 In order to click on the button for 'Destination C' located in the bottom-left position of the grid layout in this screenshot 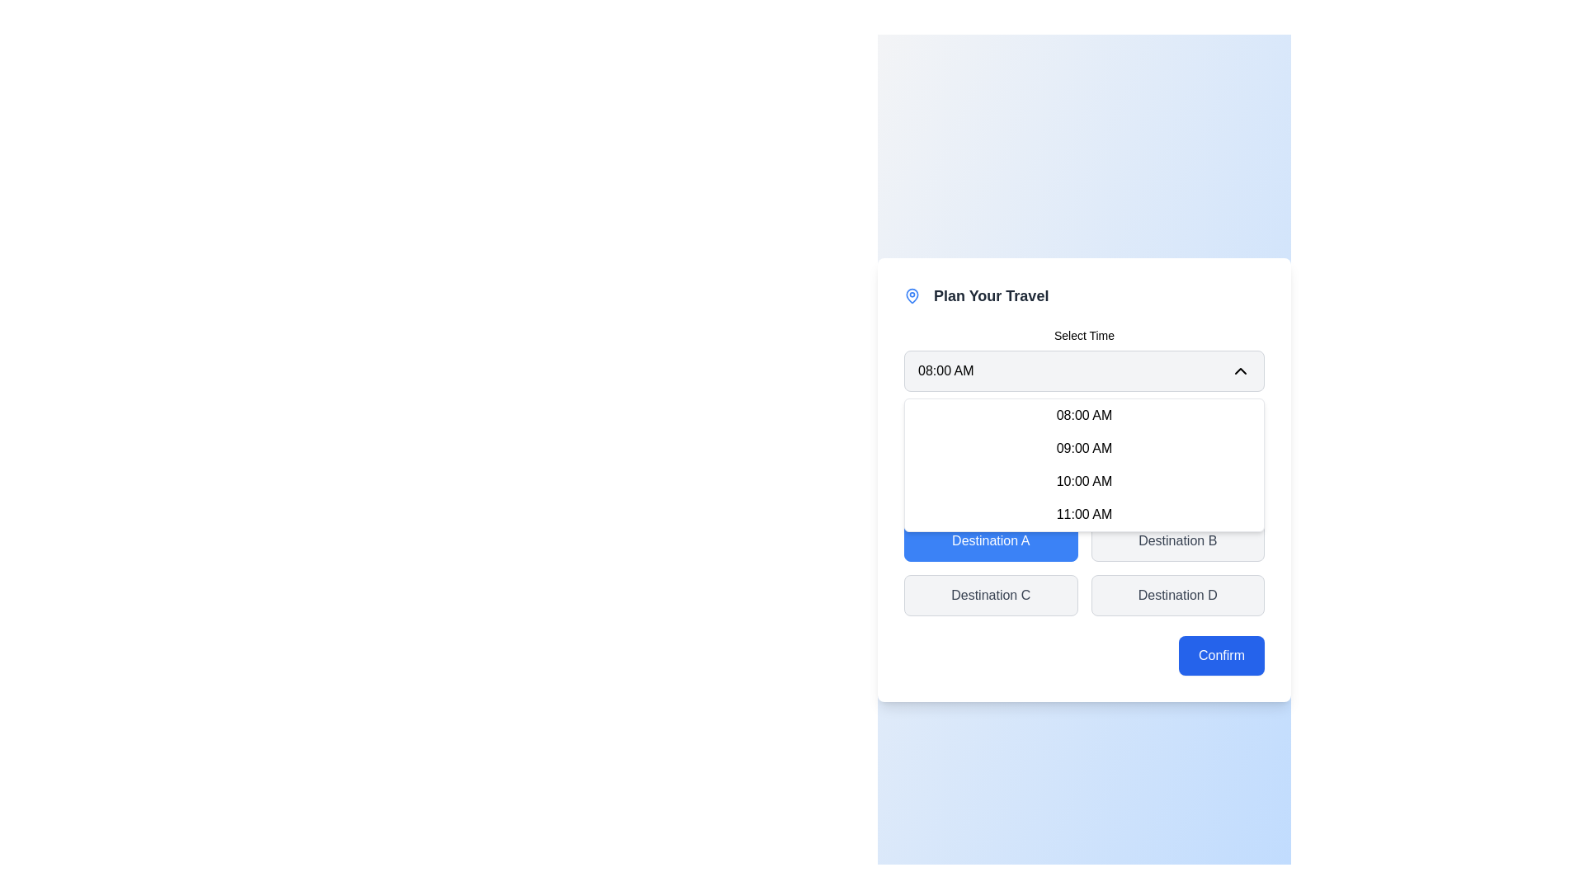, I will do `click(990, 595)`.